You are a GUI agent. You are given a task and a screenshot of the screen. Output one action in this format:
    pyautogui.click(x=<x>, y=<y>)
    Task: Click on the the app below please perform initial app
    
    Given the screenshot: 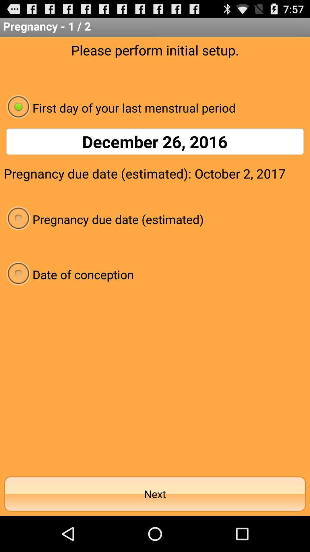 What is the action you would take?
    pyautogui.click(x=155, y=108)
    